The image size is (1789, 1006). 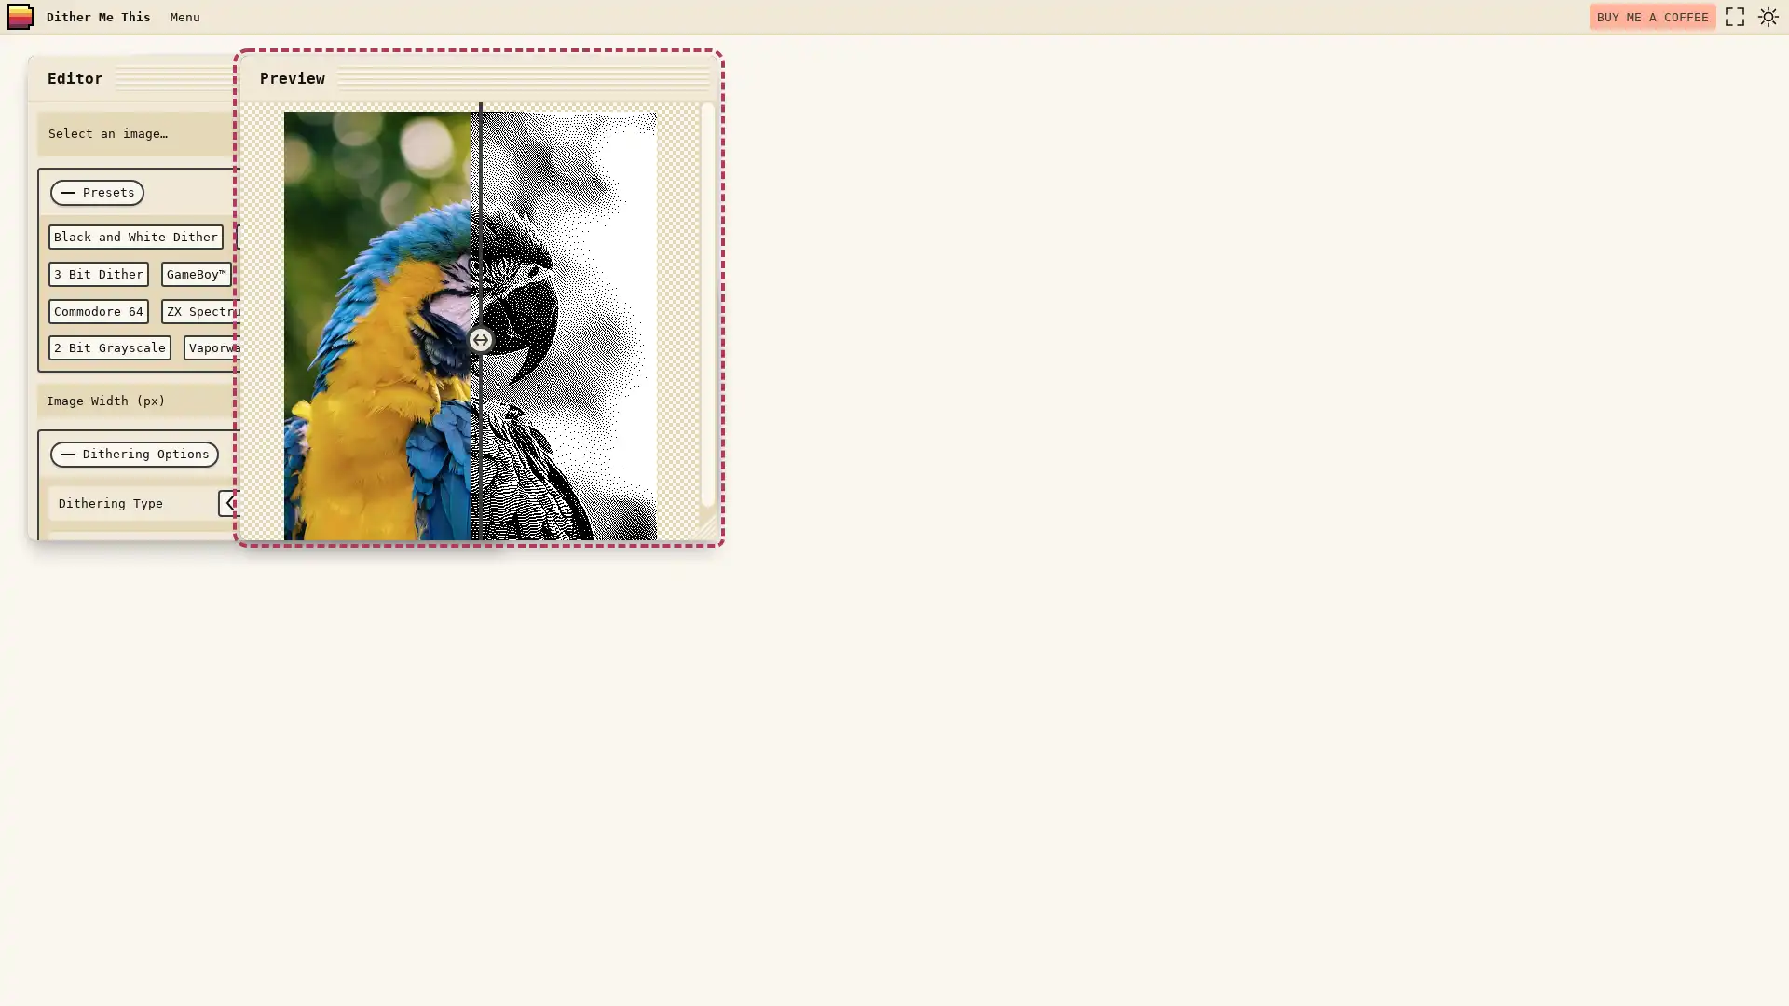 I want to click on select next option, so click(x=466, y=548).